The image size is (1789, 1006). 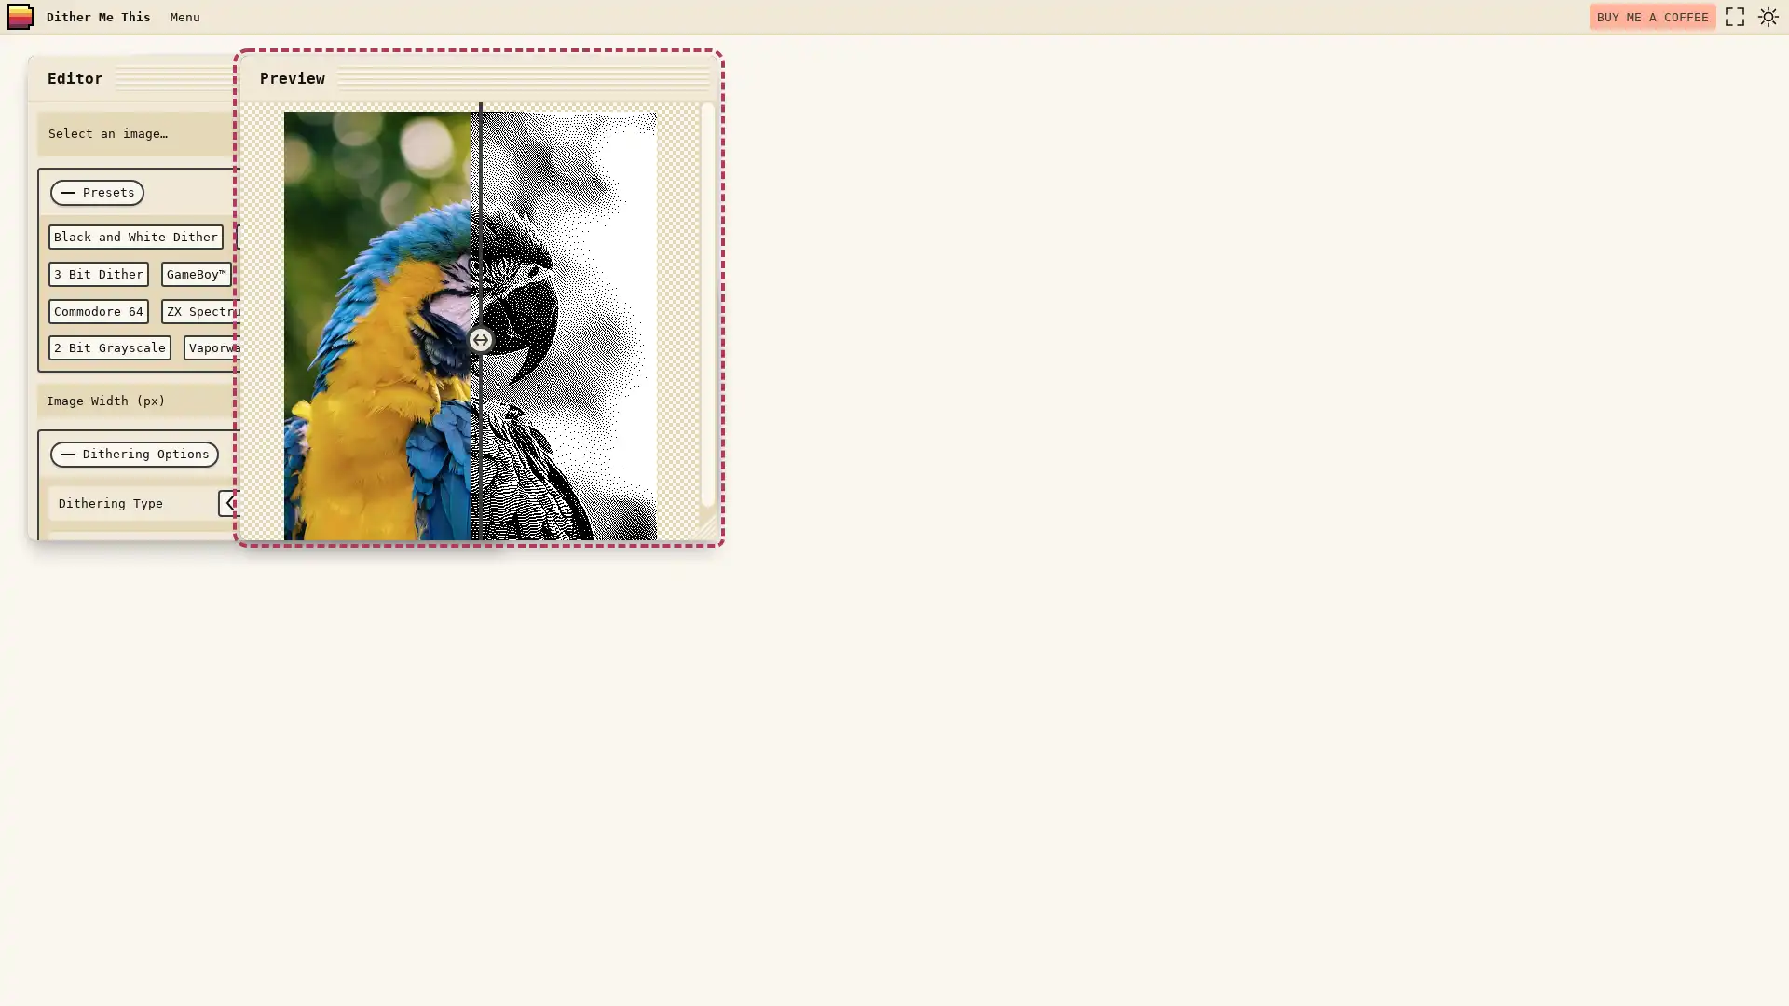 I want to click on select next option, so click(x=466, y=548).